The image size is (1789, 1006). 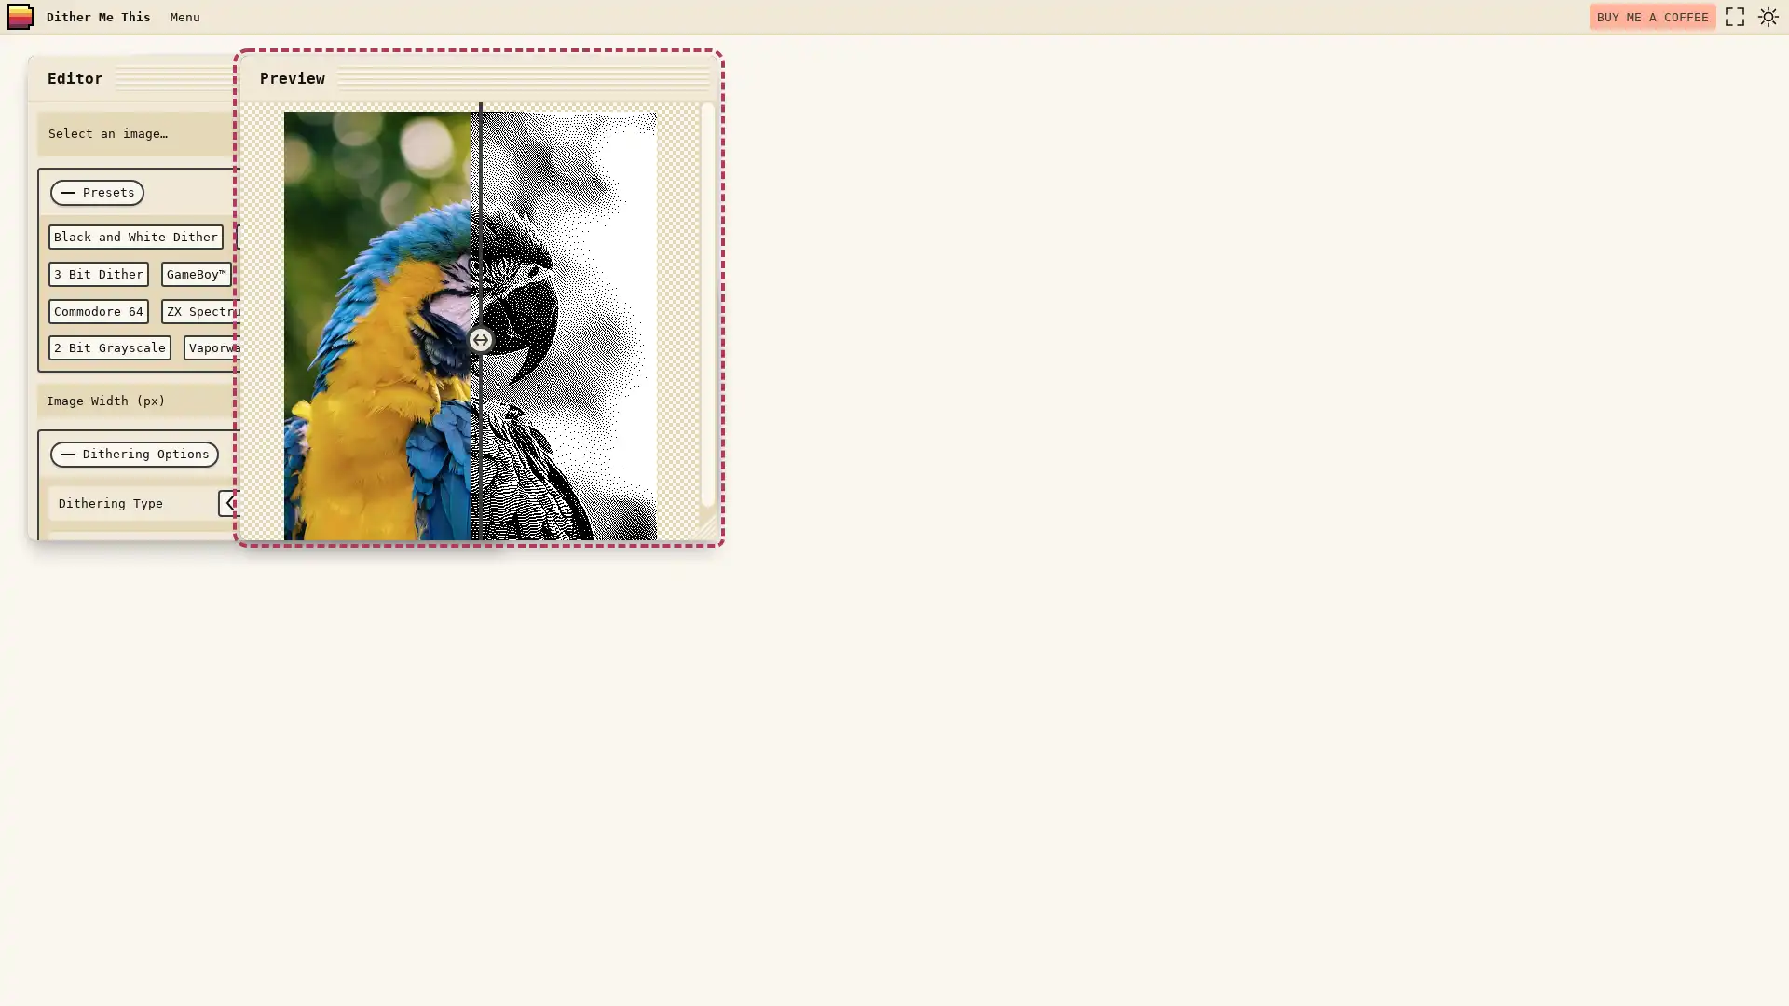 I want to click on select next option, so click(x=466, y=548).